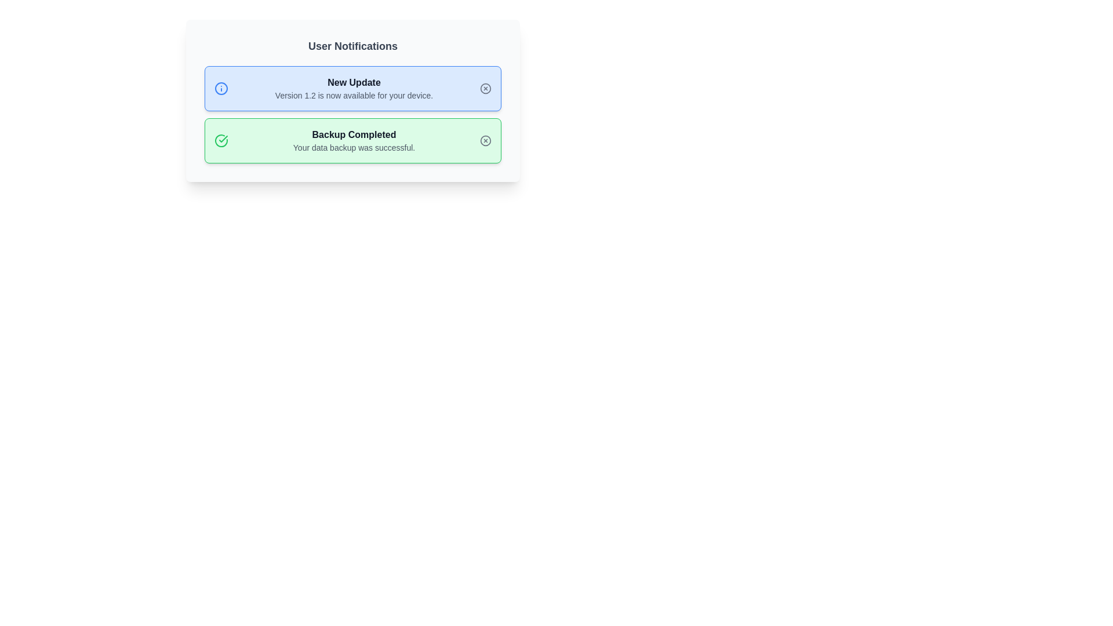 The height and width of the screenshot is (626, 1113). Describe the element at coordinates (353, 147) in the screenshot. I see `the feedback message text located in the second notification card, directly below the 'Backup Completed' header` at that location.